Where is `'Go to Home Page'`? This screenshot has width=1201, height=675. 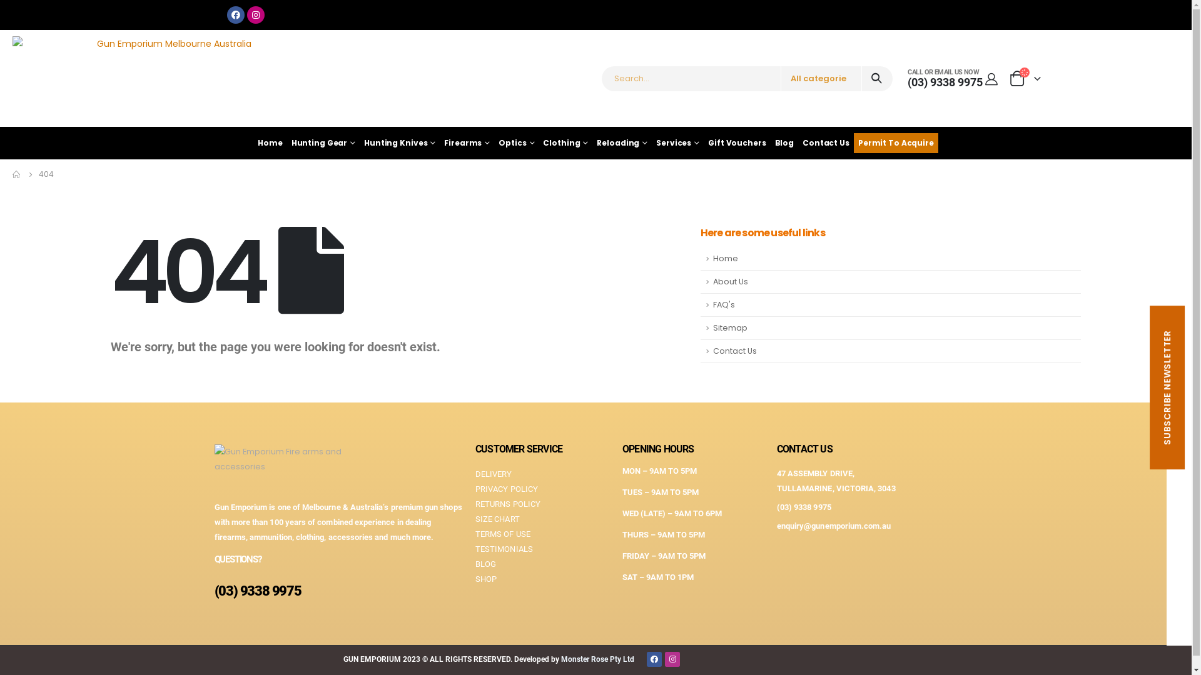 'Go to Home Page' is located at coordinates (17, 174).